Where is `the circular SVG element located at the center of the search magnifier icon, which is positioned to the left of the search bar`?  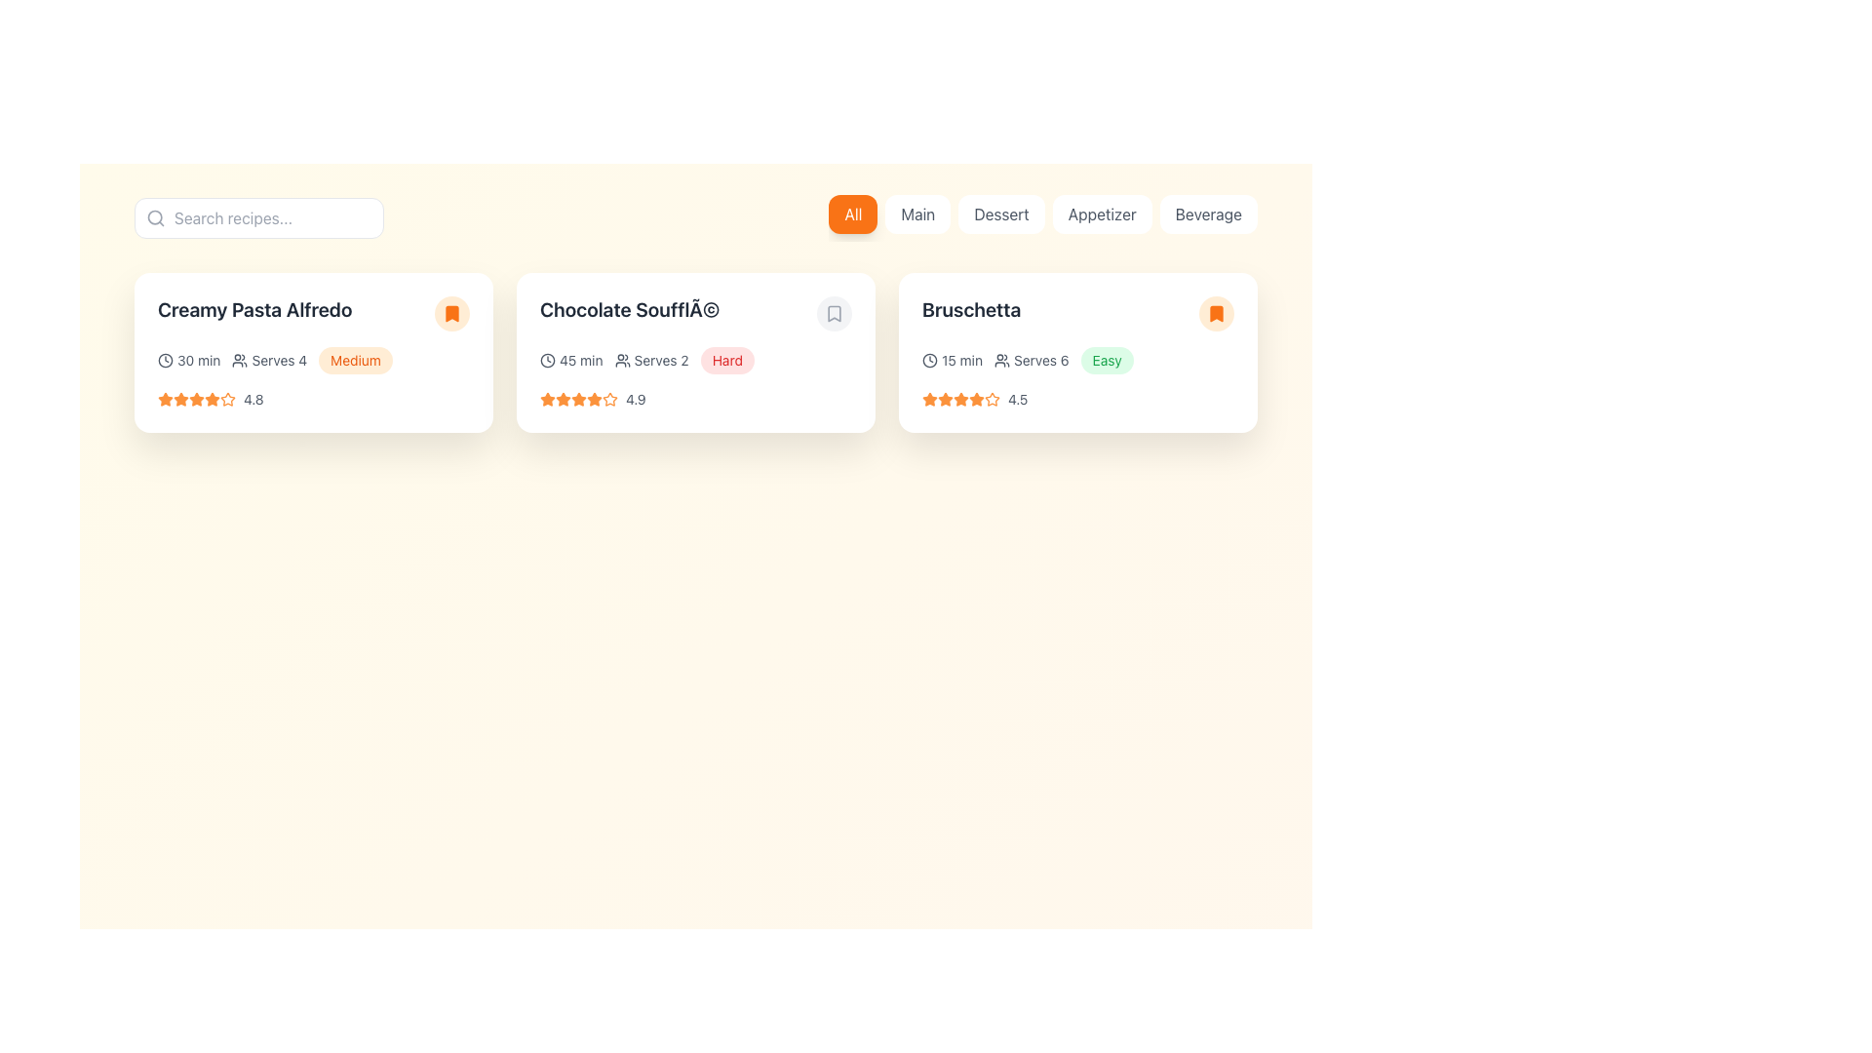
the circular SVG element located at the center of the search magnifier icon, which is positioned to the left of the search bar is located at coordinates (154, 217).